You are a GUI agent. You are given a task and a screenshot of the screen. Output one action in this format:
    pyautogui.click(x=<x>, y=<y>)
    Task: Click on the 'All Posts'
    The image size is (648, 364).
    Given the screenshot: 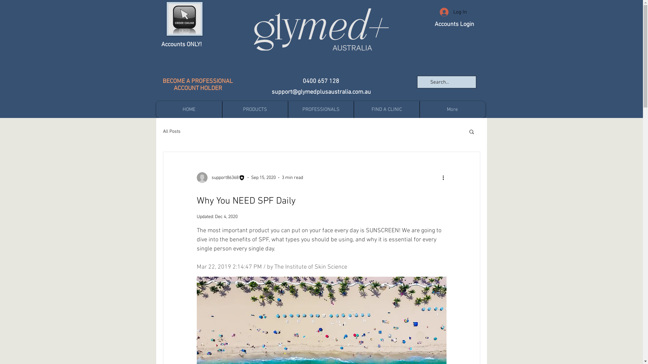 What is the action you would take?
    pyautogui.click(x=171, y=131)
    